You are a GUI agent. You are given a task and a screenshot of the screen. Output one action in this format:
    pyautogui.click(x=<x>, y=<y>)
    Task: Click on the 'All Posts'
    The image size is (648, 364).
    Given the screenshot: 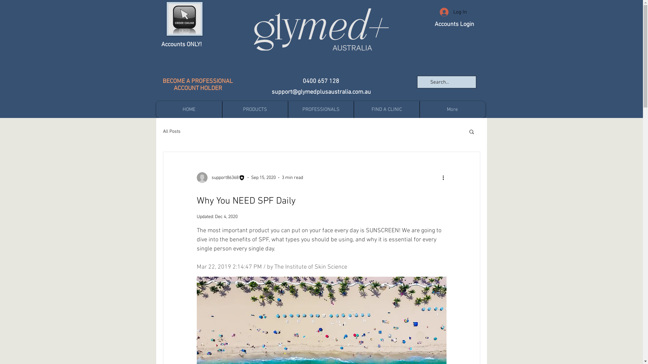 What is the action you would take?
    pyautogui.click(x=171, y=131)
    